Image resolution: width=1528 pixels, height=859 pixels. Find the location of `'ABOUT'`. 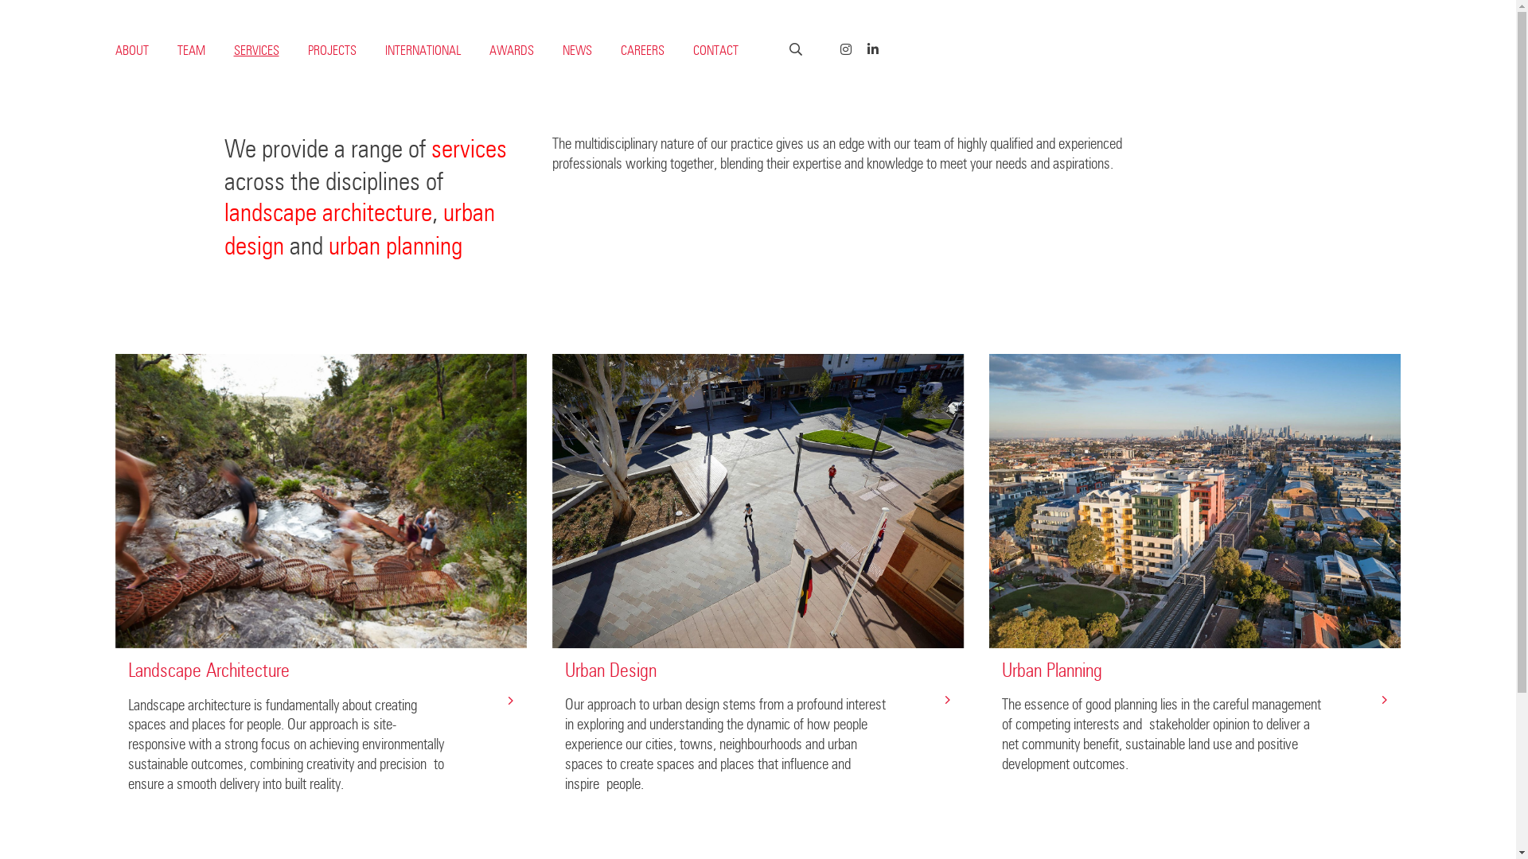

'ABOUT' is located at coordinates (114, 51).